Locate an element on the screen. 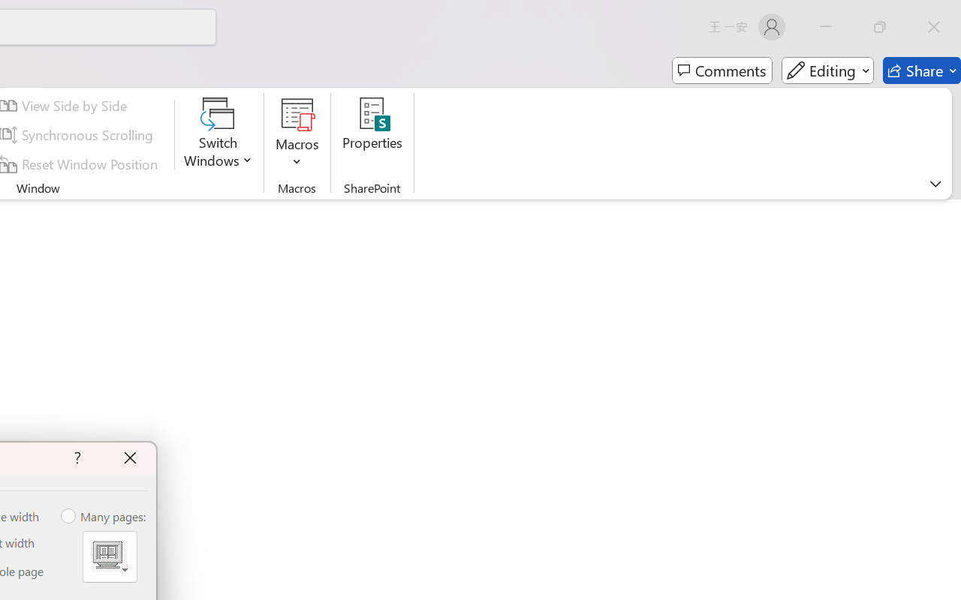  'Properties' is located at coordinates (372, 134).